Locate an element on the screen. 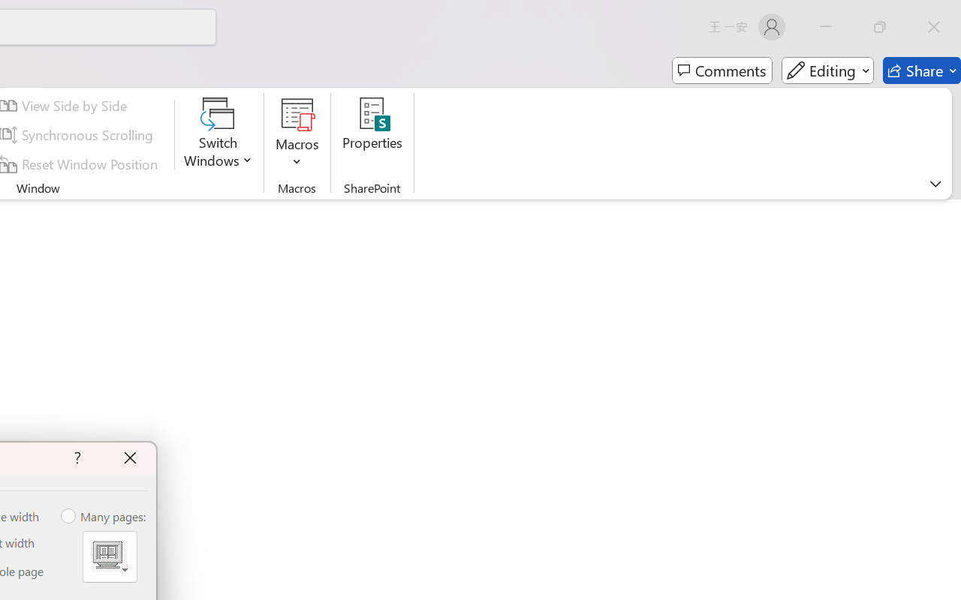  'Properties' is located at coordinates (372, 134).